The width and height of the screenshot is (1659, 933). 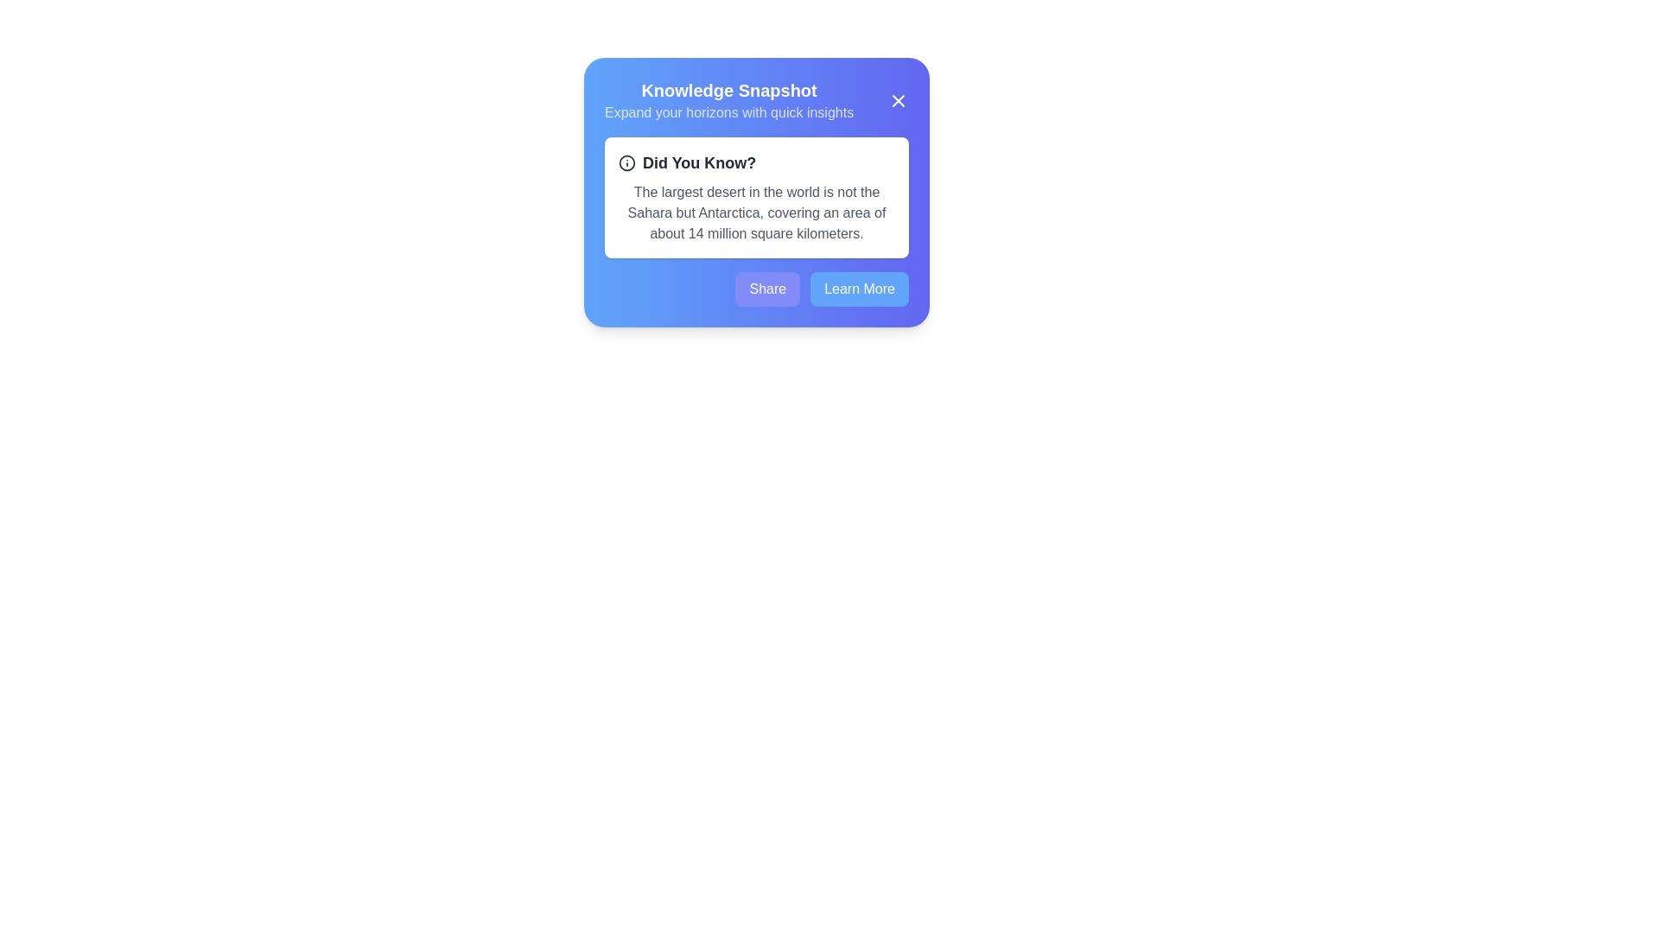 I want to click on the text block that reads 'Expand your horizons with quick insights', which is styled with a semi-transparent white color and positioned within a blue gradient background, located directly beneath the heading 'Knowledge Snapshot', so click(x=729, y=113).